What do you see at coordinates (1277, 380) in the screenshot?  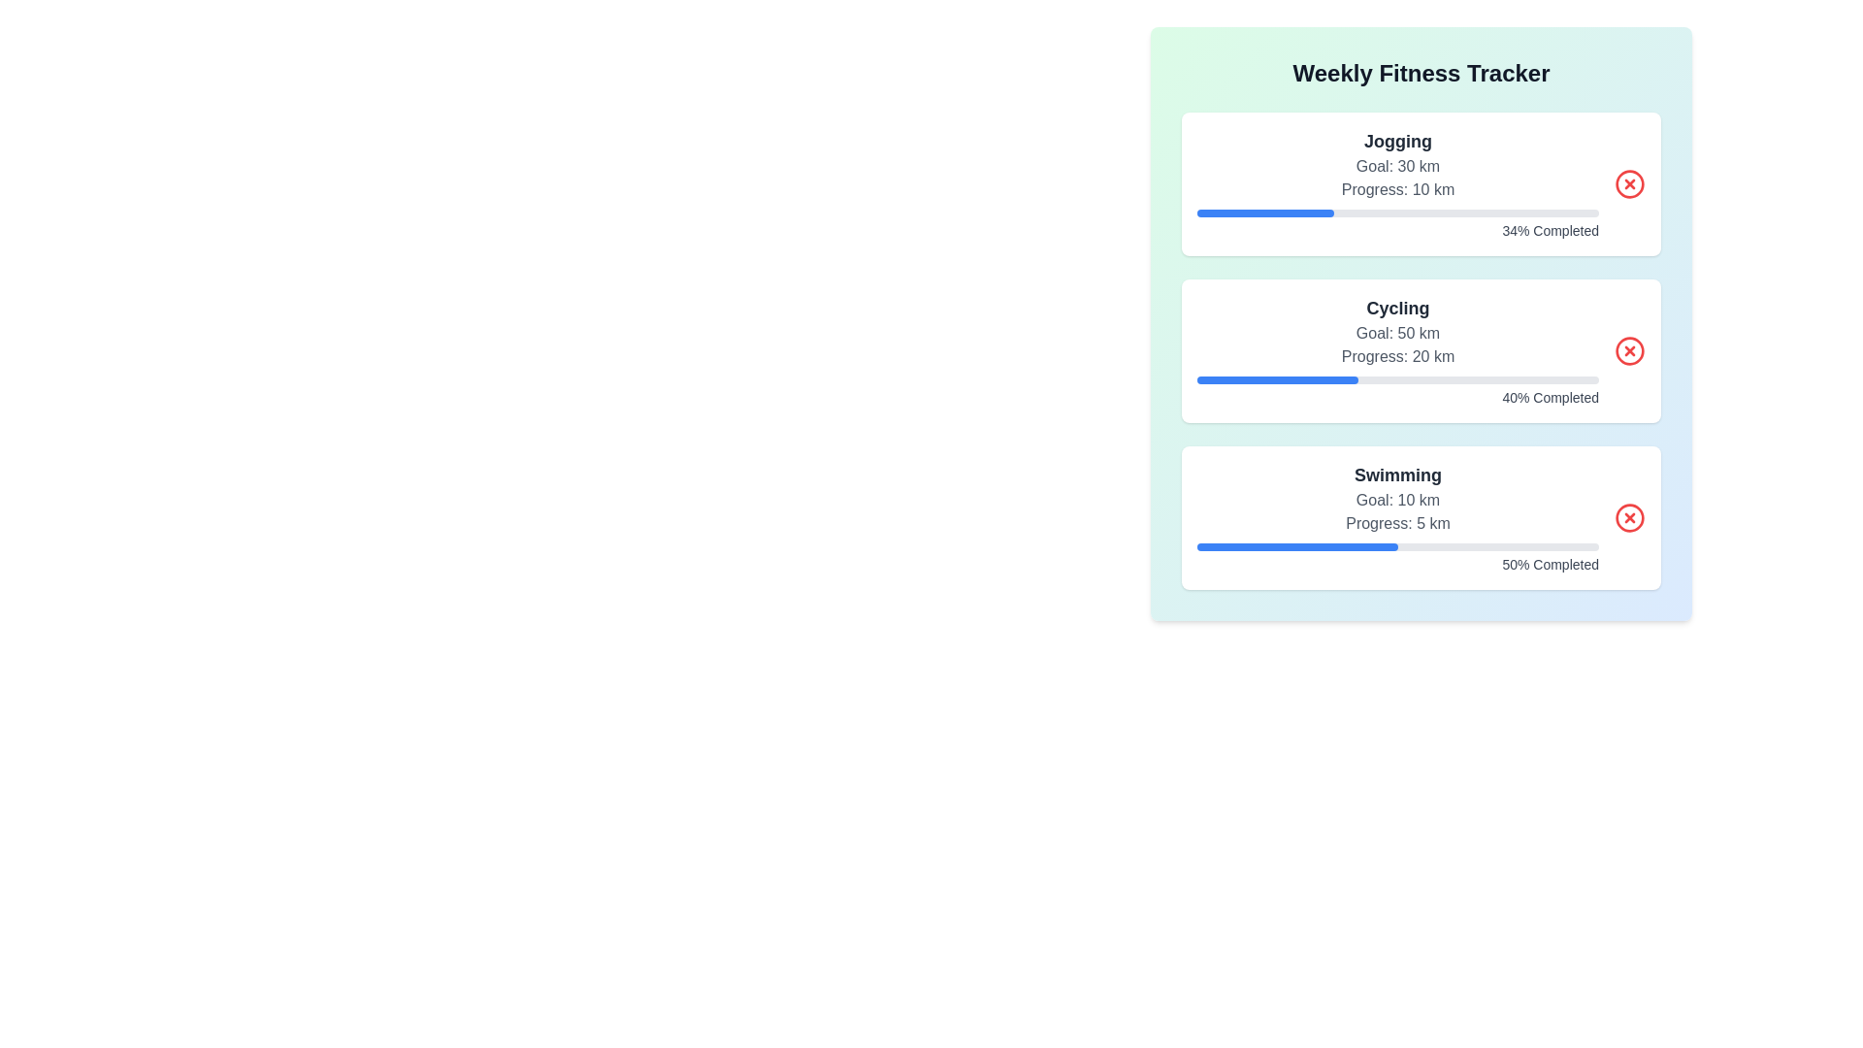 I see `the blue filled segment of the progress bar representing the completion percentage of the 'Cycling' activity, which is centrally located within the gray progress bar` at bounding box center [1277, 380].